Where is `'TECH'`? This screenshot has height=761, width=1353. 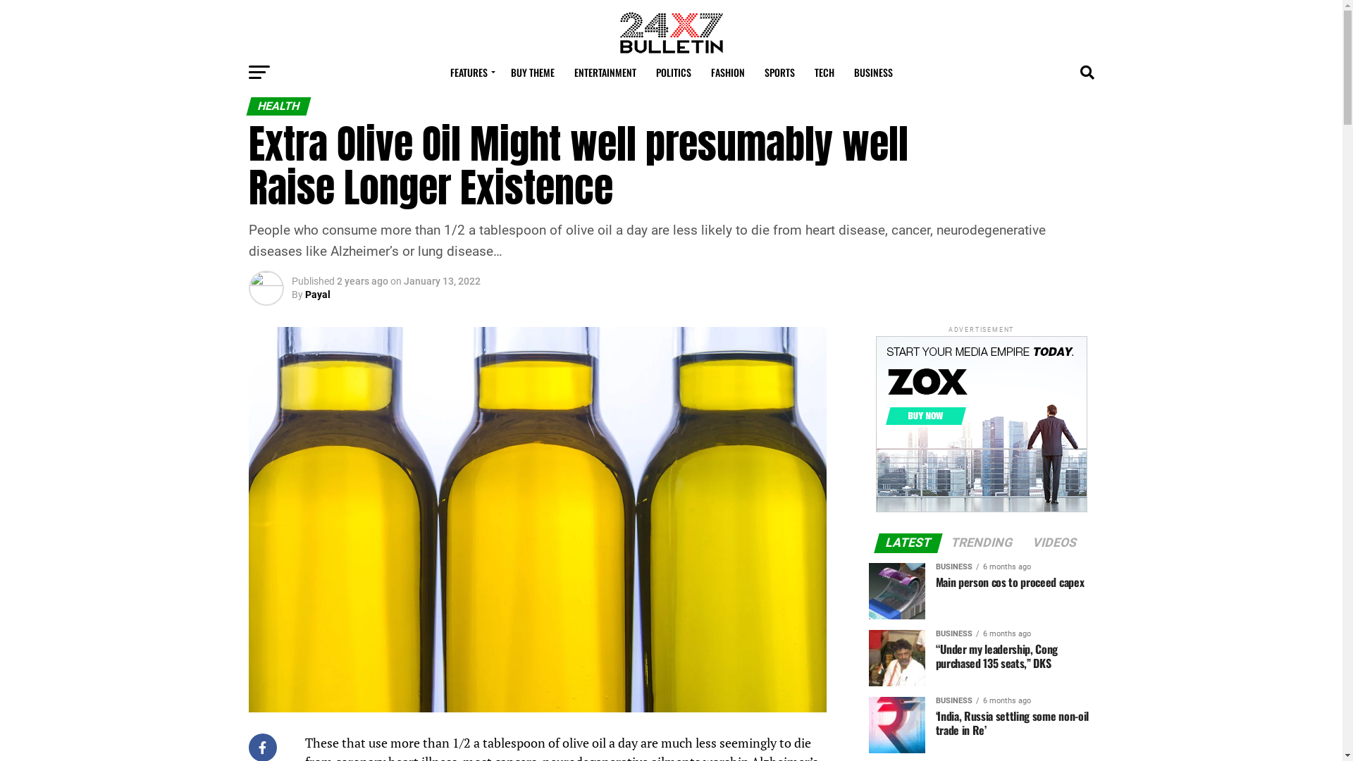 'TECH' is located at coordinates (824, 73).